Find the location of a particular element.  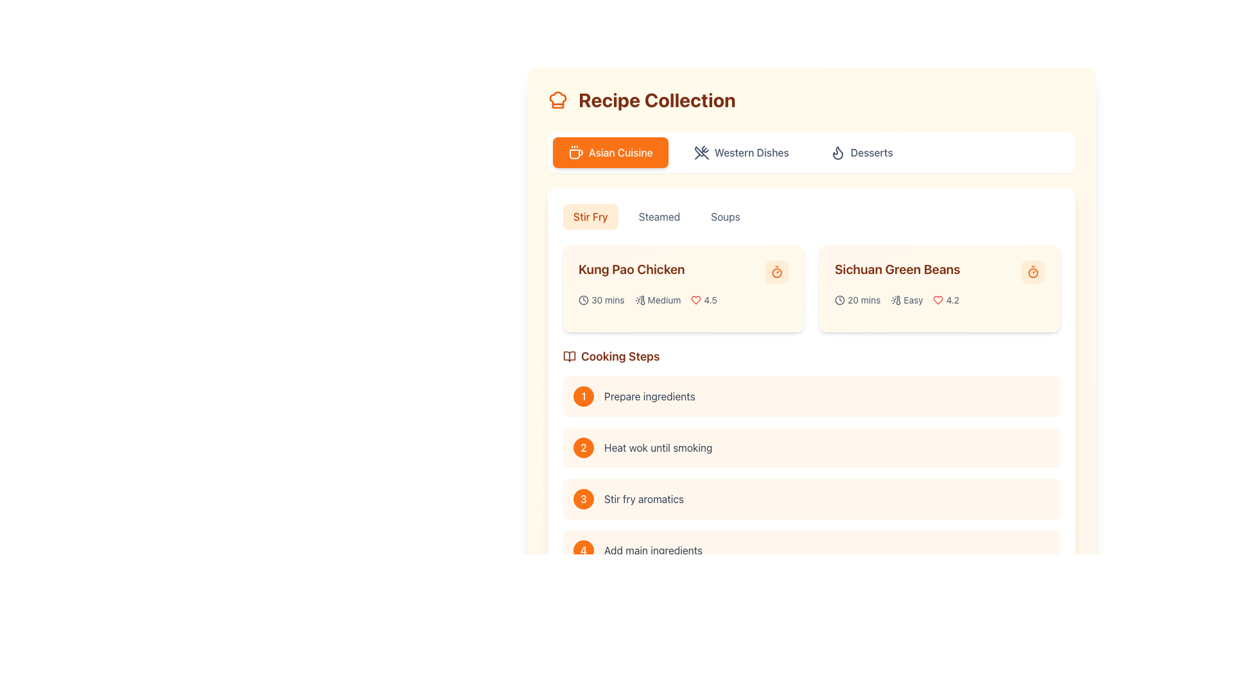

the interactive timer icon button located at the top-right corner of the 'Sichuan Green Beans' recipe card is located at coordinates (1033, 271).